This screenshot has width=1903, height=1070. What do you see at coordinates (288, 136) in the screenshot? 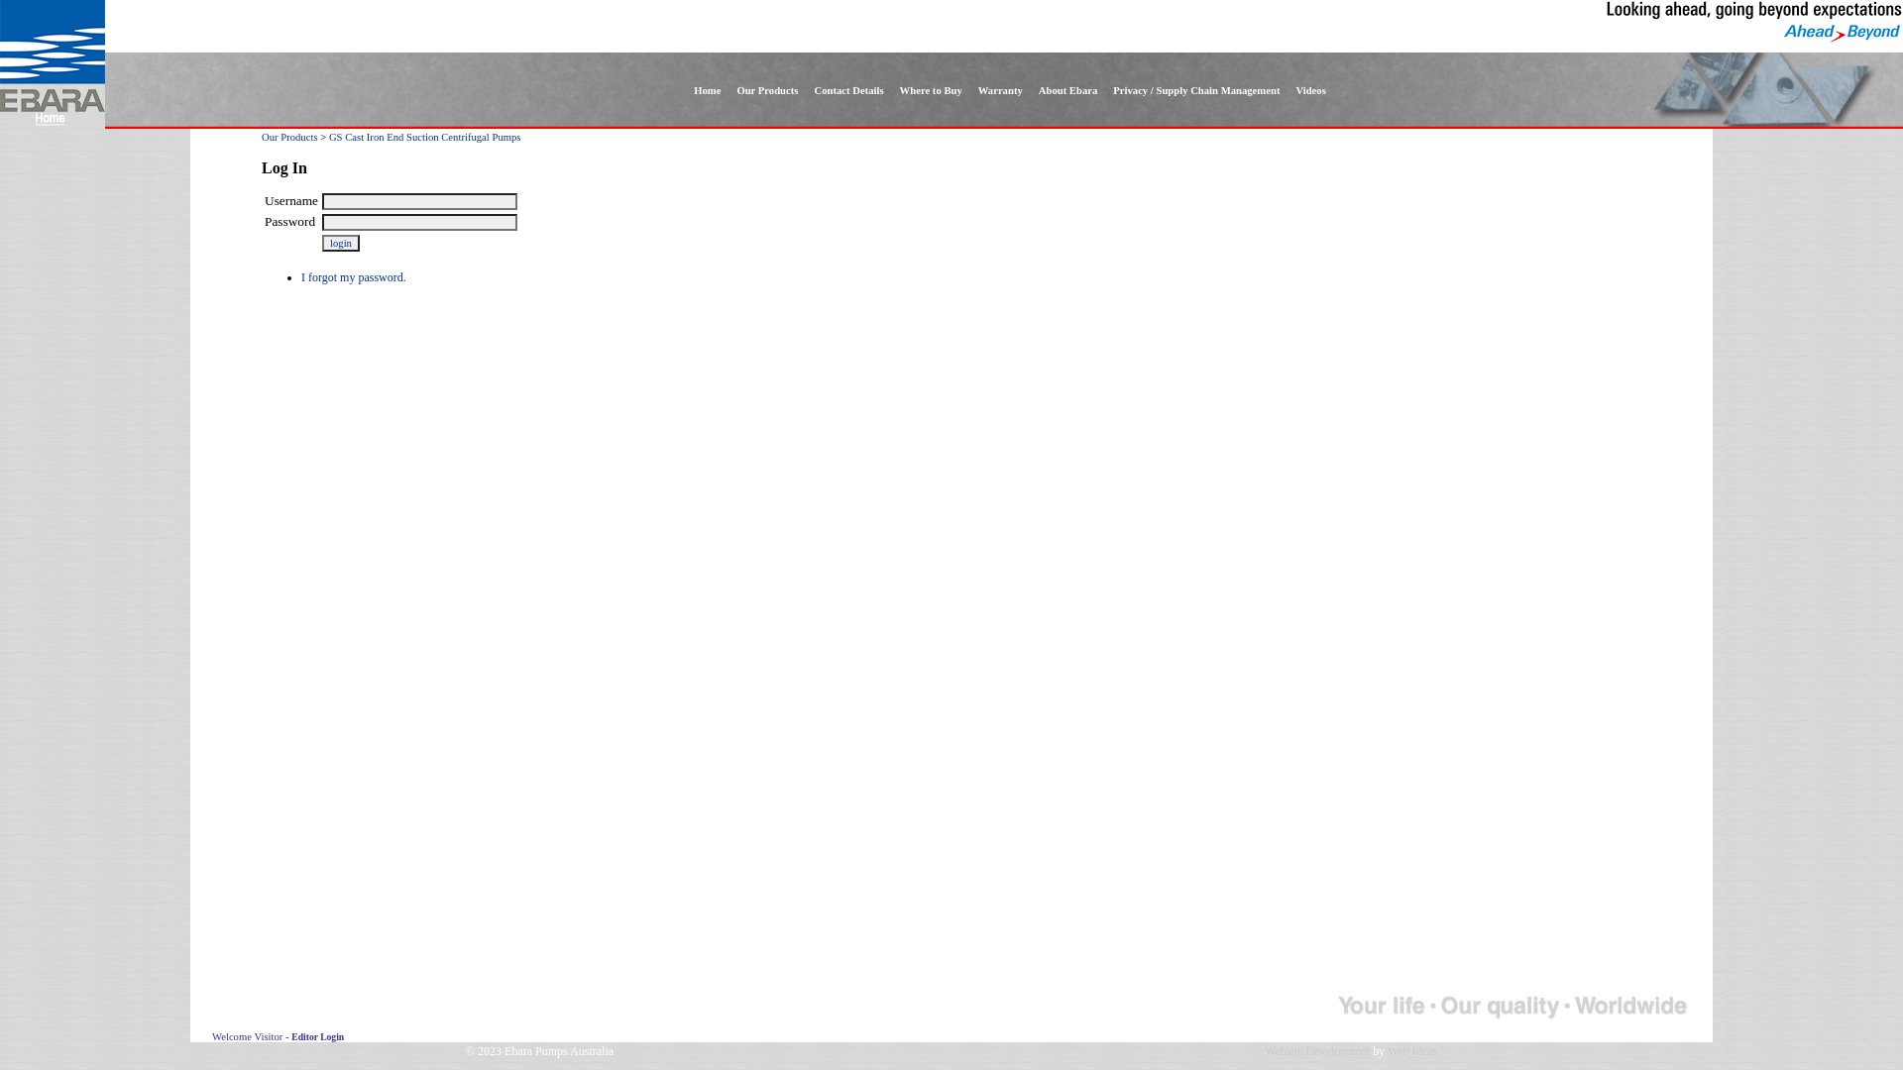
I see `'Our Products'` at bounding box center [288, 136].